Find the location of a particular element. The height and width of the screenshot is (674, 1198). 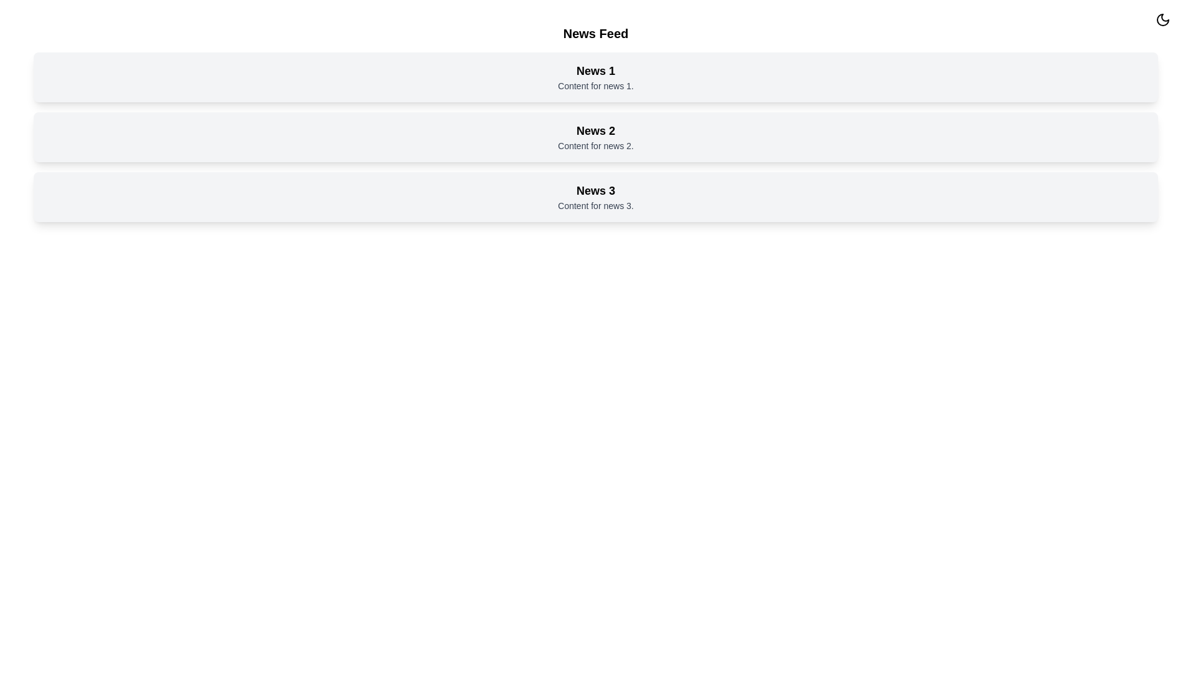

the text label displaying 'News 2' which is centrally located above the content text in the second news card is located at coordinates (595, 130).